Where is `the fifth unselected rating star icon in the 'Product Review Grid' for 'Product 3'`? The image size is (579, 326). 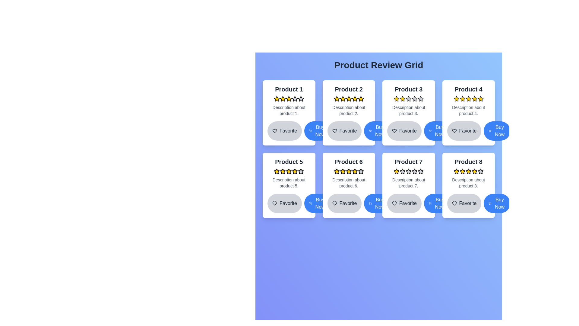
the fifth unselected rating star icon in the 'Product Review Grid' for 'Product 3' is located at coordinates (414, 98).